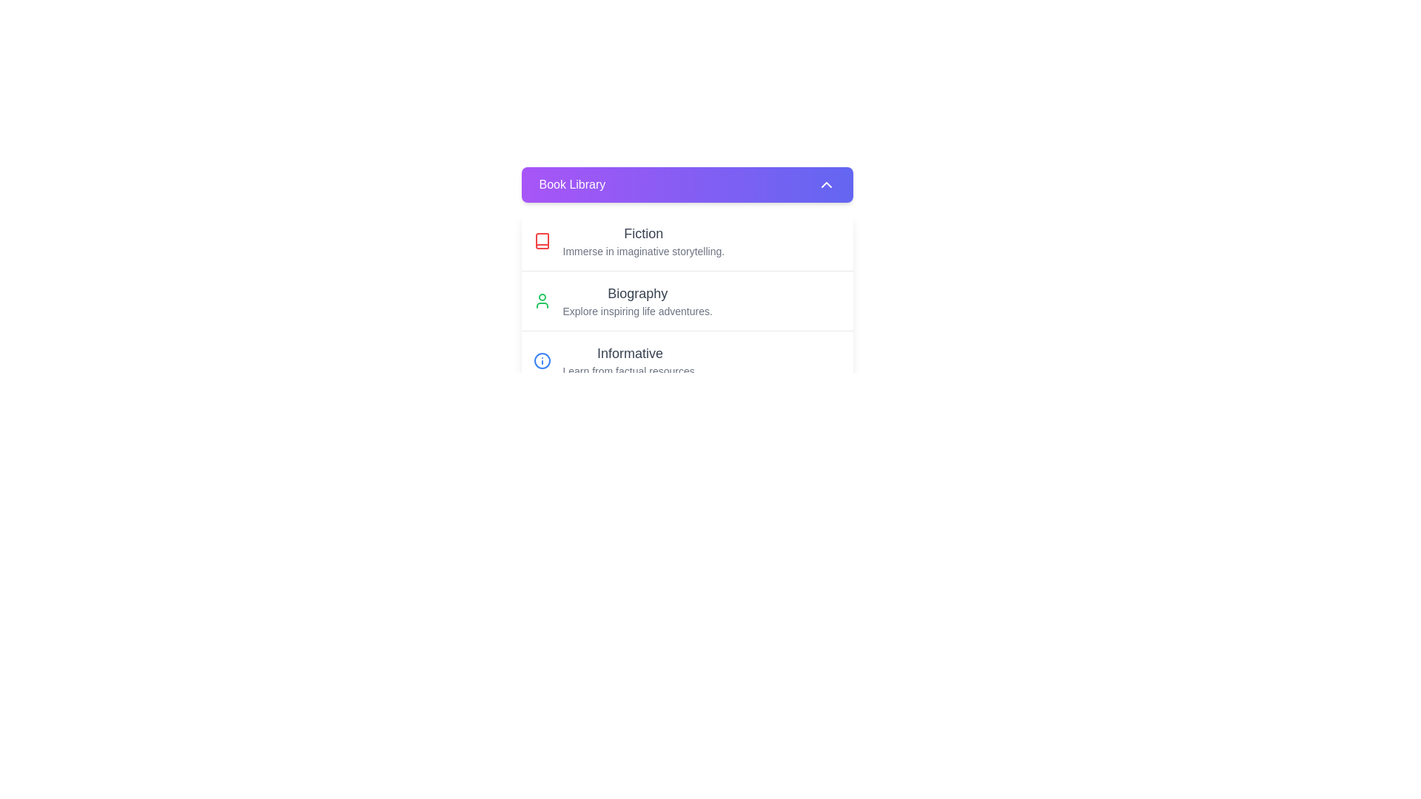 Image resolution: width=1421 pixels, height=799 pixels. Describe the element at coordinates (825, 184) in the screenshot. I see `the Chevron Up icon located in the top-right corner of the 'Book Library' section` at that location.